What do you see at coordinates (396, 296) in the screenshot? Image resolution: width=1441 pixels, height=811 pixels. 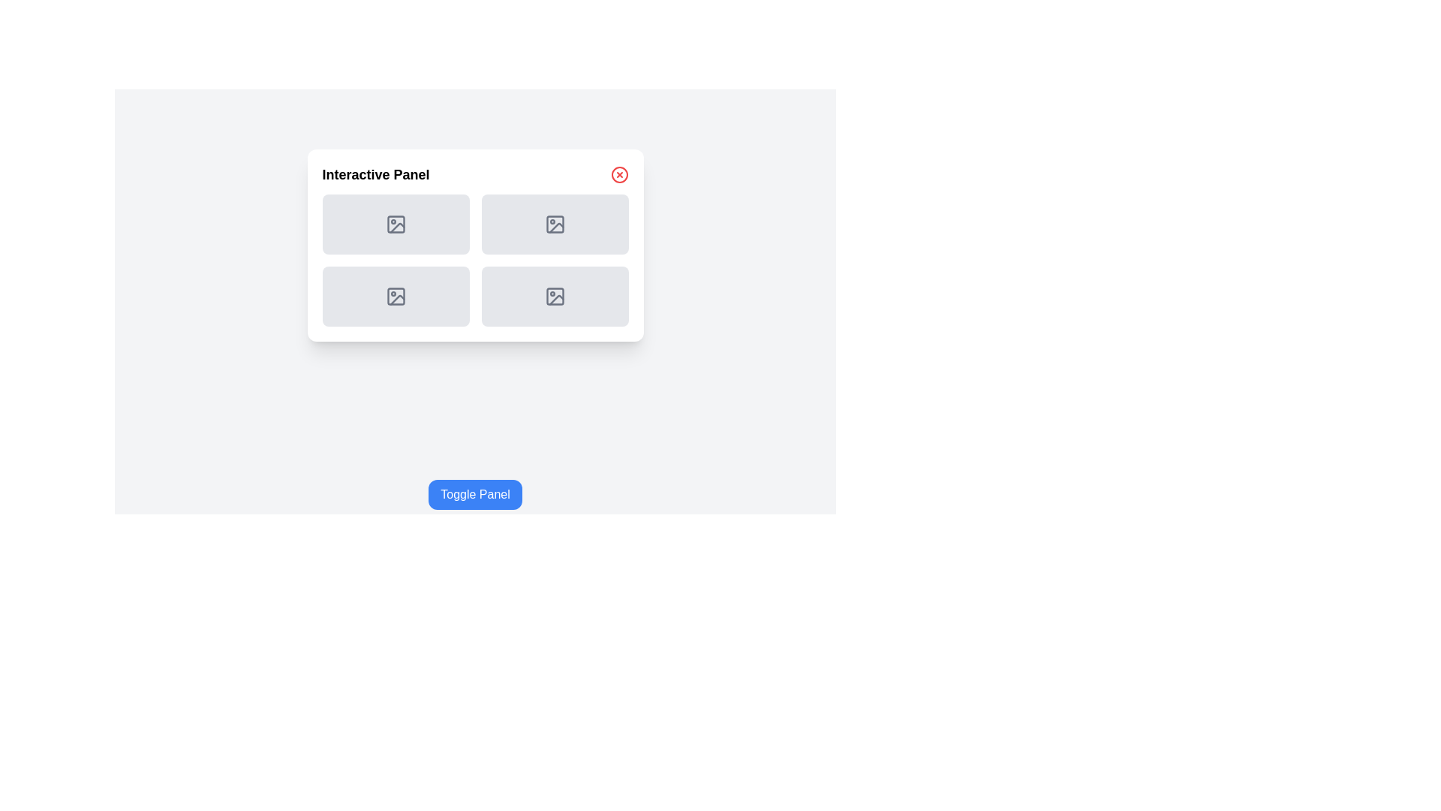 I see `the rectangular icon with rounded corners located in the second row and first column of the 2x2 grid within the 'Interactive Panel'` at bounding box center [396, 296].